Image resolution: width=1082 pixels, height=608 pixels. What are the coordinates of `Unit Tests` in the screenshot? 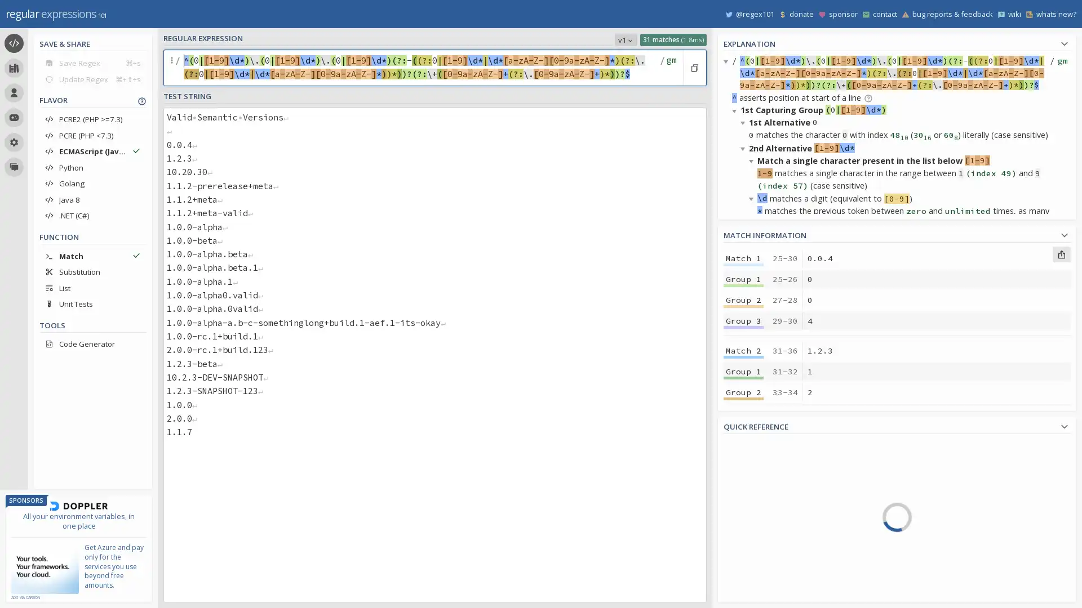 It's located at (92, 304).